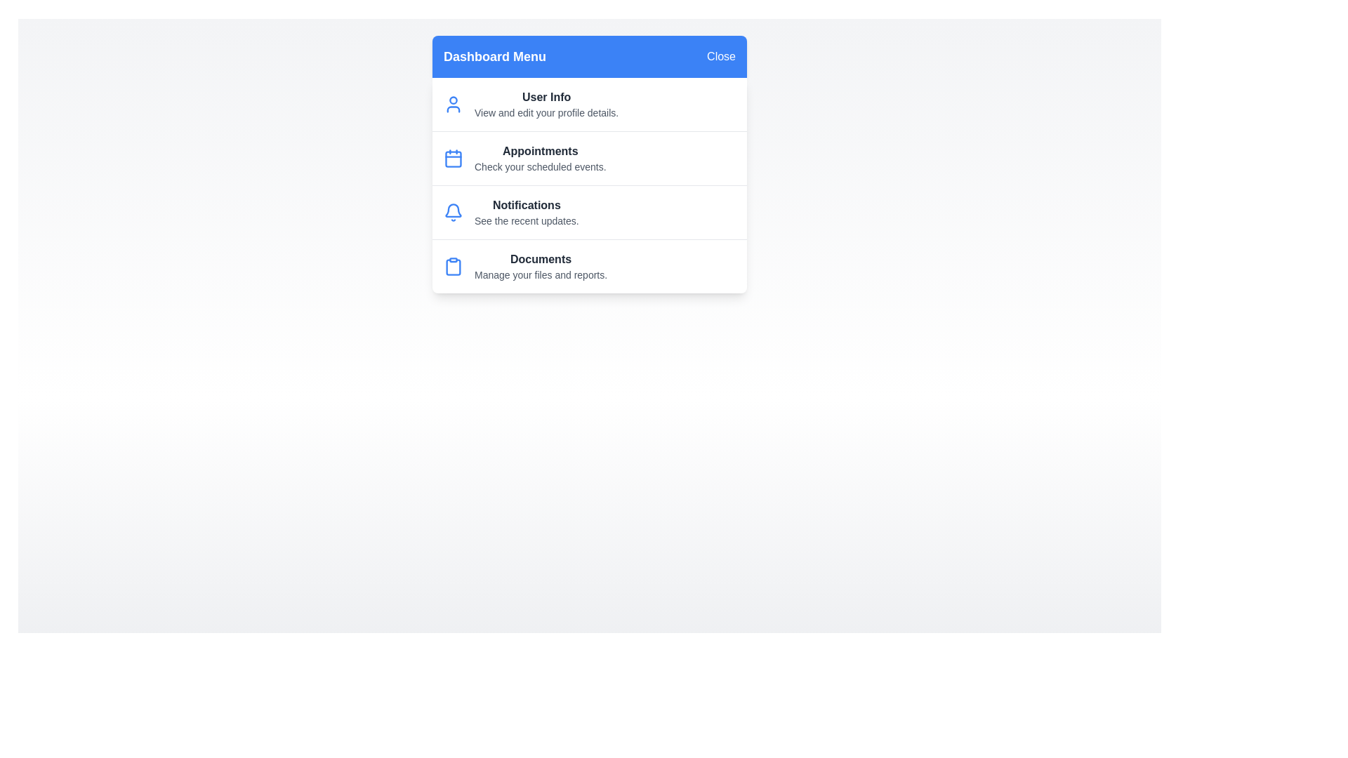 The image size is (1348, 758). What do you see at coordinates (454, 104) in the screenshot?
I see `the icon representing User Info` at bounding box center [454, 104].